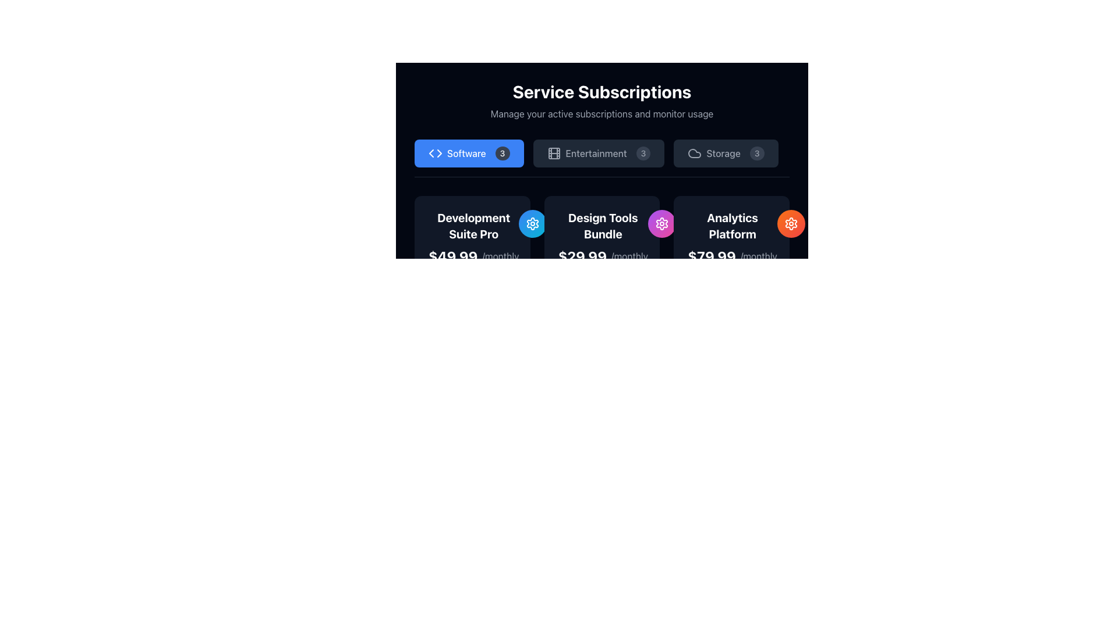 The height and width of the screenshot is (628, 1118). What do you see at coordinates (603, 255) in the screenshot?
I see `the pricing label at the bottom of the 'Design Tools Bundle' card, which features a bold white price and a smaller gray descriptor '/monthly'` at bounding box center [603, 255].